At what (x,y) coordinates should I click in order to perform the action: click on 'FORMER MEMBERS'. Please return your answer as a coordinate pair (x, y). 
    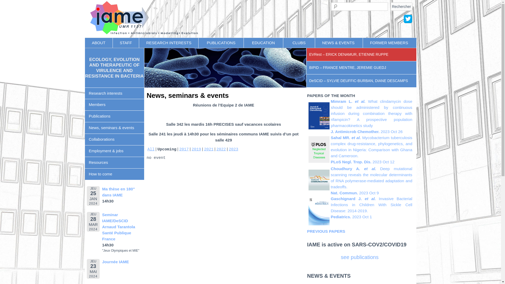
    Looking at the image, I should click on (389, 42).